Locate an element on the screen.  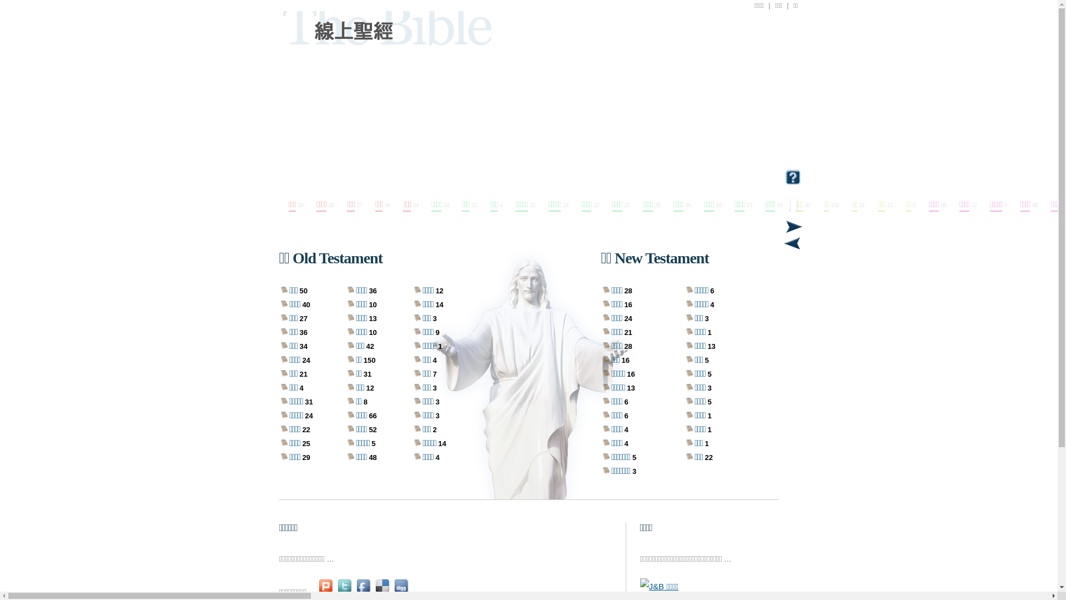
'del.icio.us' is located at coordinates (383, 591).